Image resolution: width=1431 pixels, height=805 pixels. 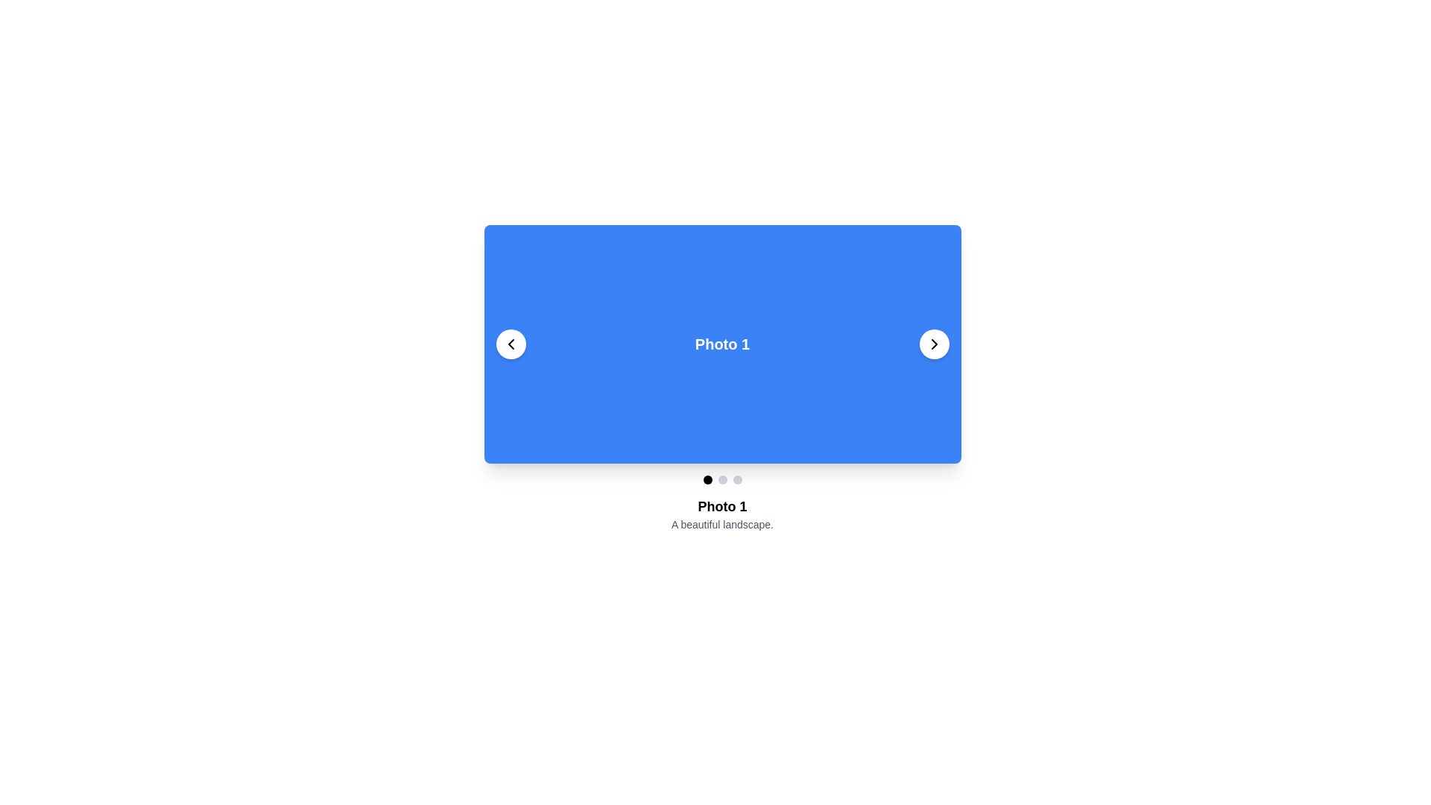 I want to click on the Chevron icon within the circular button on the left side of the blue carousel panel, so click(x=511, y=344).